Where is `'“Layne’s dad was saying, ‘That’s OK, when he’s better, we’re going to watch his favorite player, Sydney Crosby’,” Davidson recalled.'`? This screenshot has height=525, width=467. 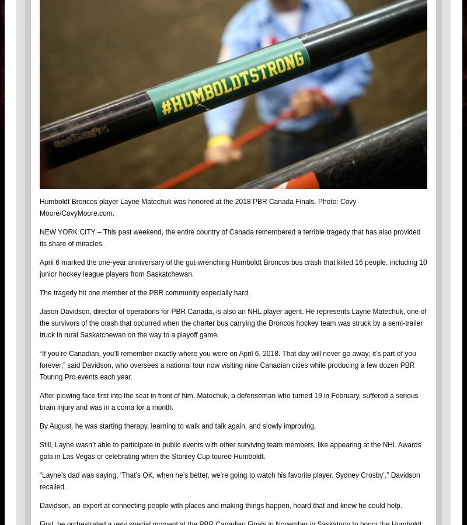 '“Layne’s dad was saying, ‘That’s OK, when he’s better, we’re going to watch his favorite player, Sydney Crosby’,” Davidson recalled.' is located at coordinates (40, 481).